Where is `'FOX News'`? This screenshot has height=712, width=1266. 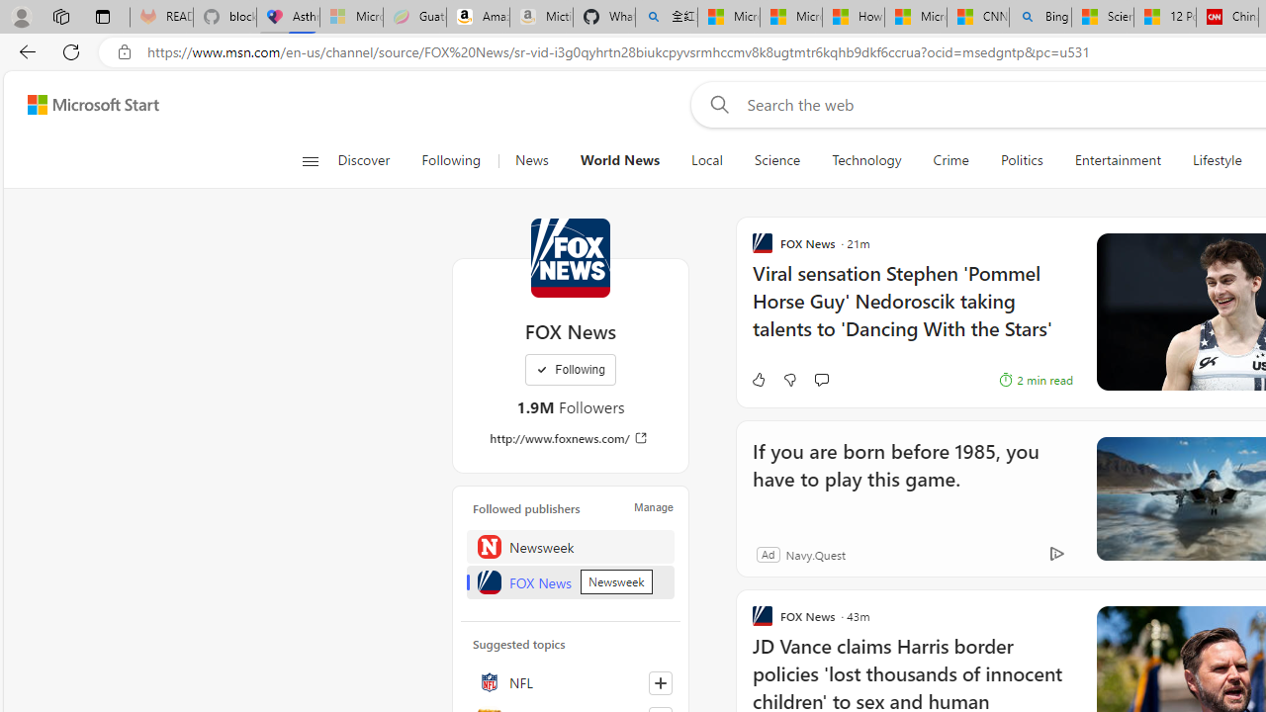
'FOX News' is located at coordinates (570, 257).